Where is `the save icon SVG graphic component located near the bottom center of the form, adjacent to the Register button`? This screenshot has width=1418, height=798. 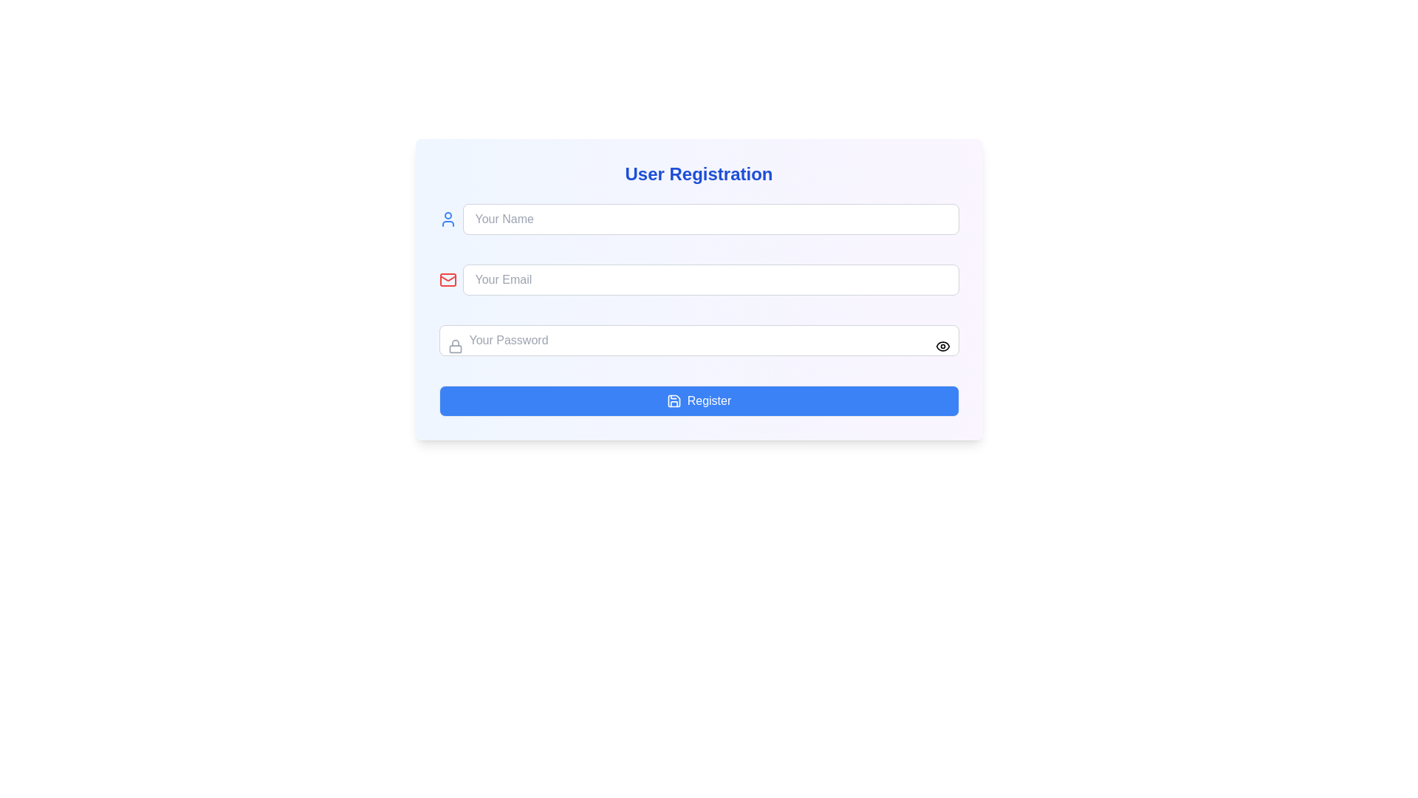
the save icon SVG graphic component located near the bottom center of the form, adjacent to the Register button is located at coordinates (673, 401).